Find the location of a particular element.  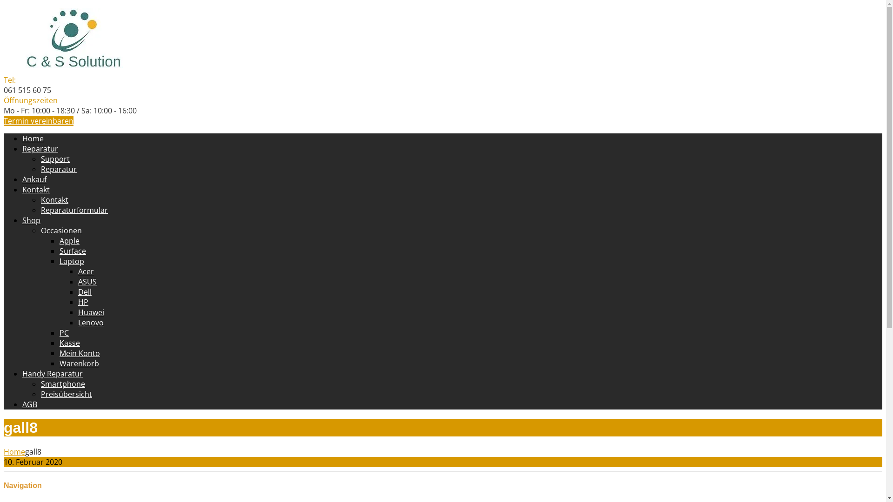

'Warenkorb' is located at coordinates (59, 363).